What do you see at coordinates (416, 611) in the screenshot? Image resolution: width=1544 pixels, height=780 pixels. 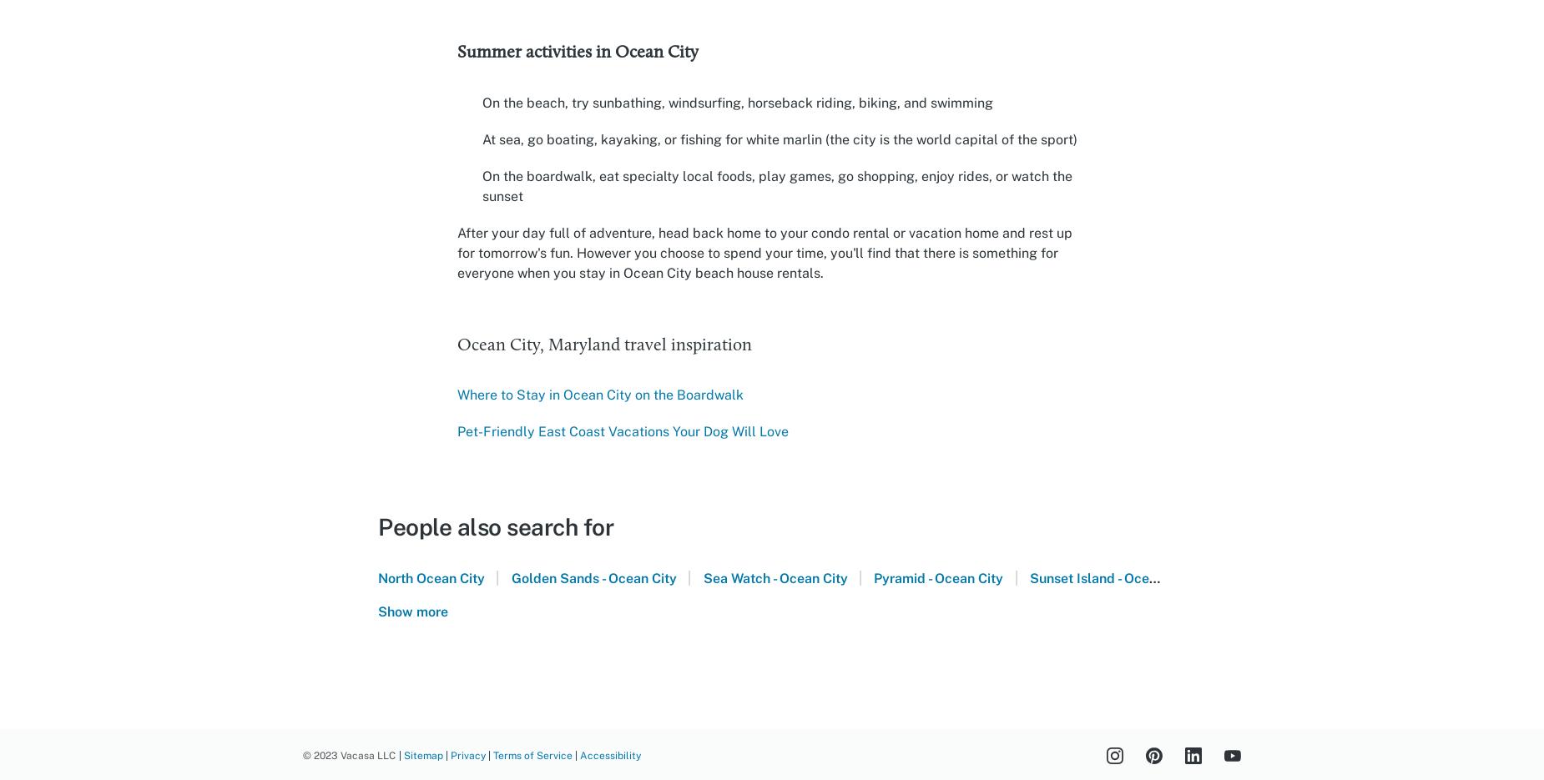 I see `'Show more'` at bounding box center [416, 611].